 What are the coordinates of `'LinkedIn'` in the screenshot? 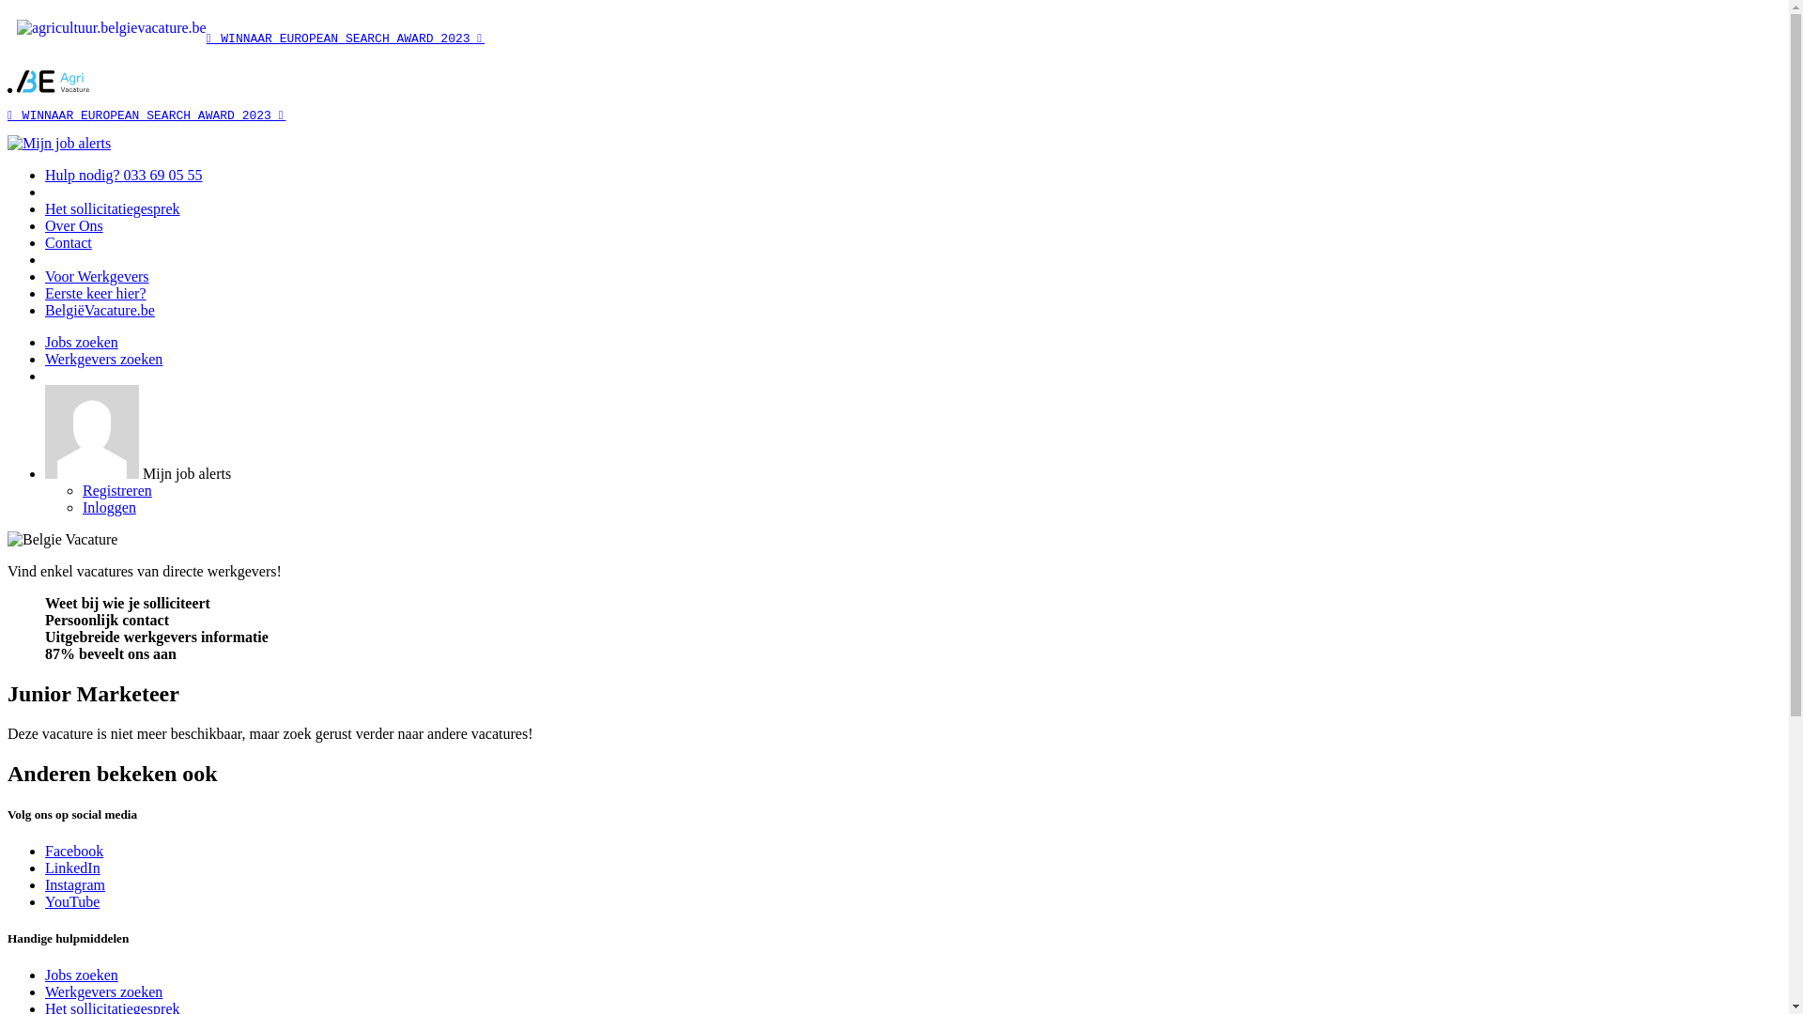 It's located at (72, 868).